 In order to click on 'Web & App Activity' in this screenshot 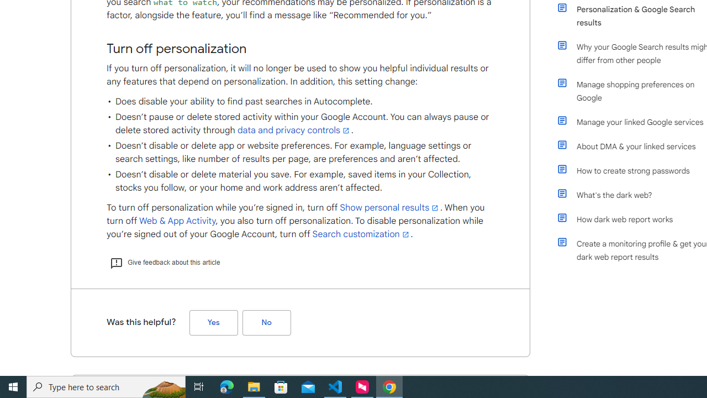, I will do `click(177, 221)`.